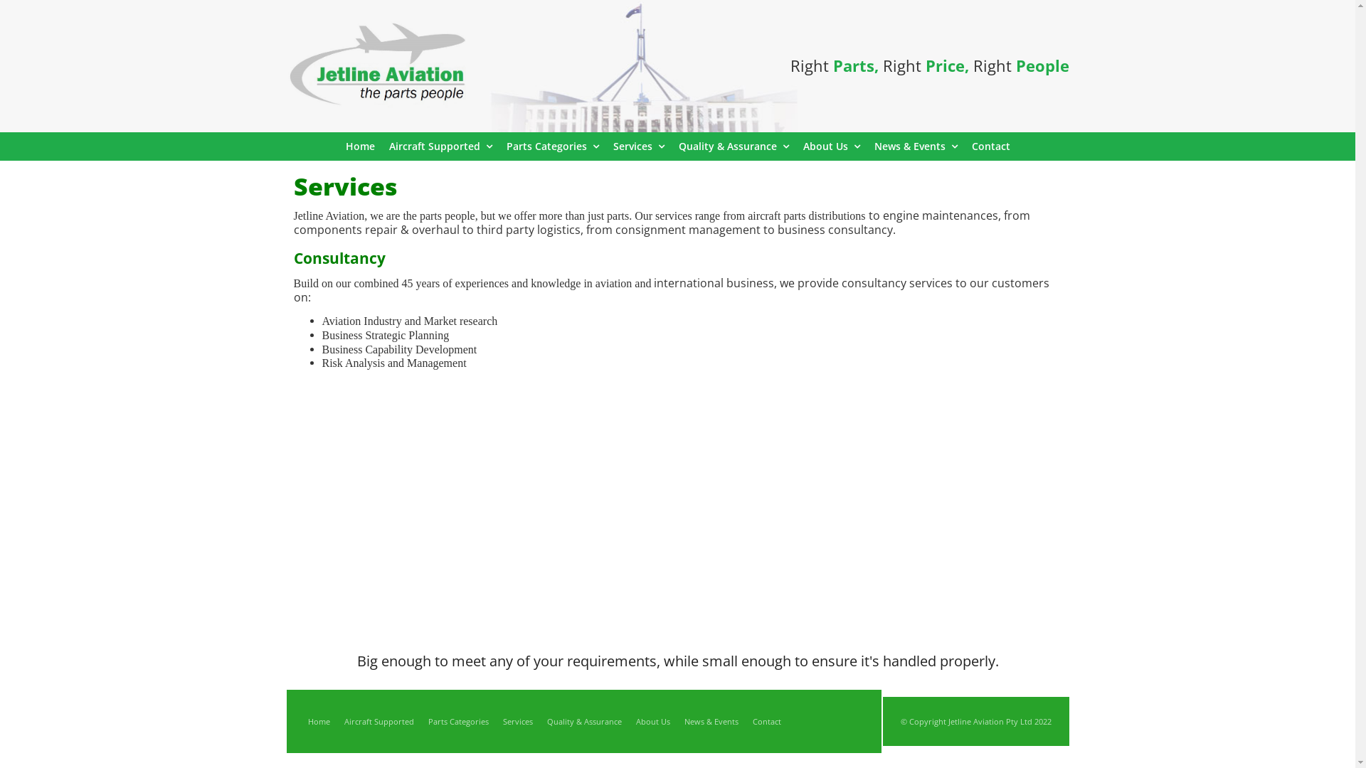 Image resolution: width=1366 pixels, height=768 pixels. What do you see at coordinates (583, 721) in the screenshot?
I see `'Quality & Assurance'` at bounding box center [583, 721].